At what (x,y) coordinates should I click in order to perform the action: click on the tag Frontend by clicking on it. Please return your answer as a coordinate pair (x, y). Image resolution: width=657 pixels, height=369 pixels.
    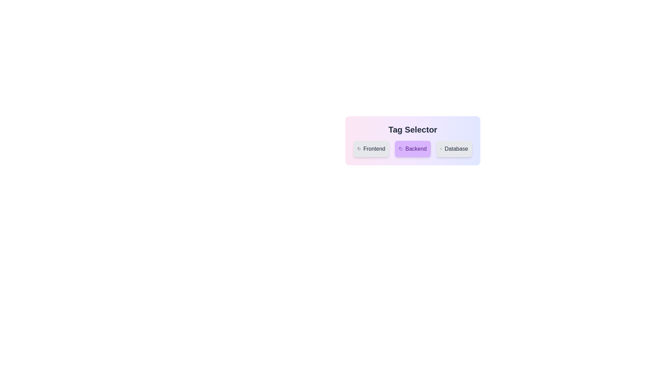
    Looking at the image, I should click on (371, 148).